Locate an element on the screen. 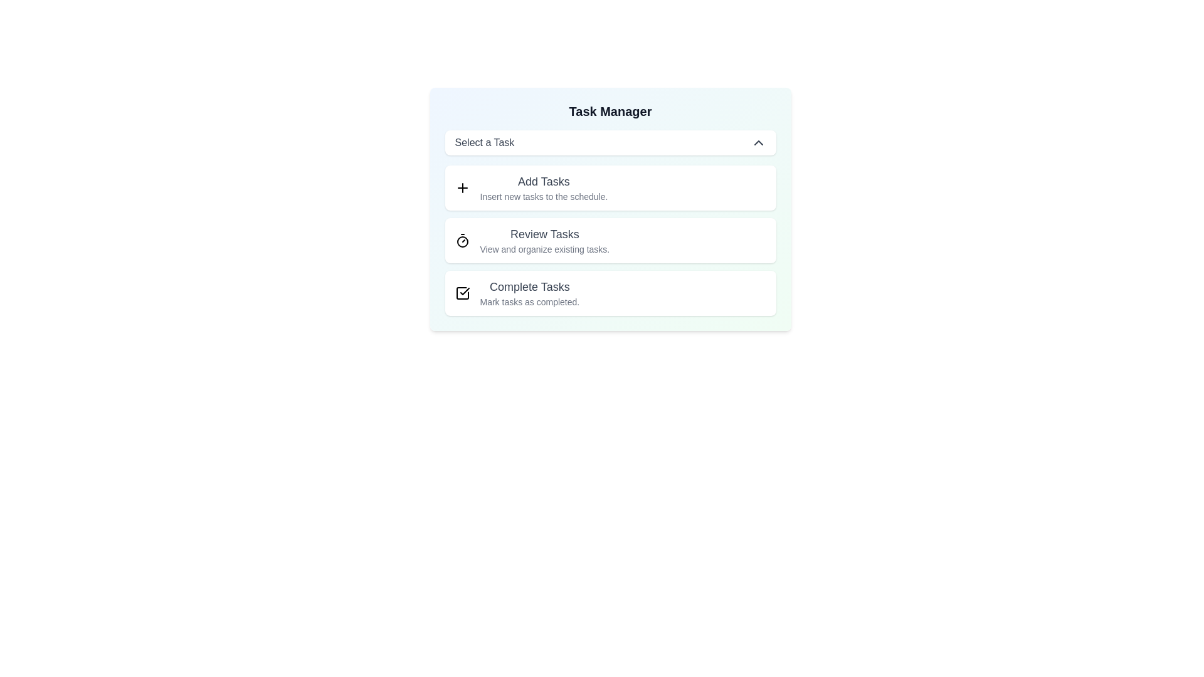  the header text 'Task Manager' is located at coordinates (610, 110).